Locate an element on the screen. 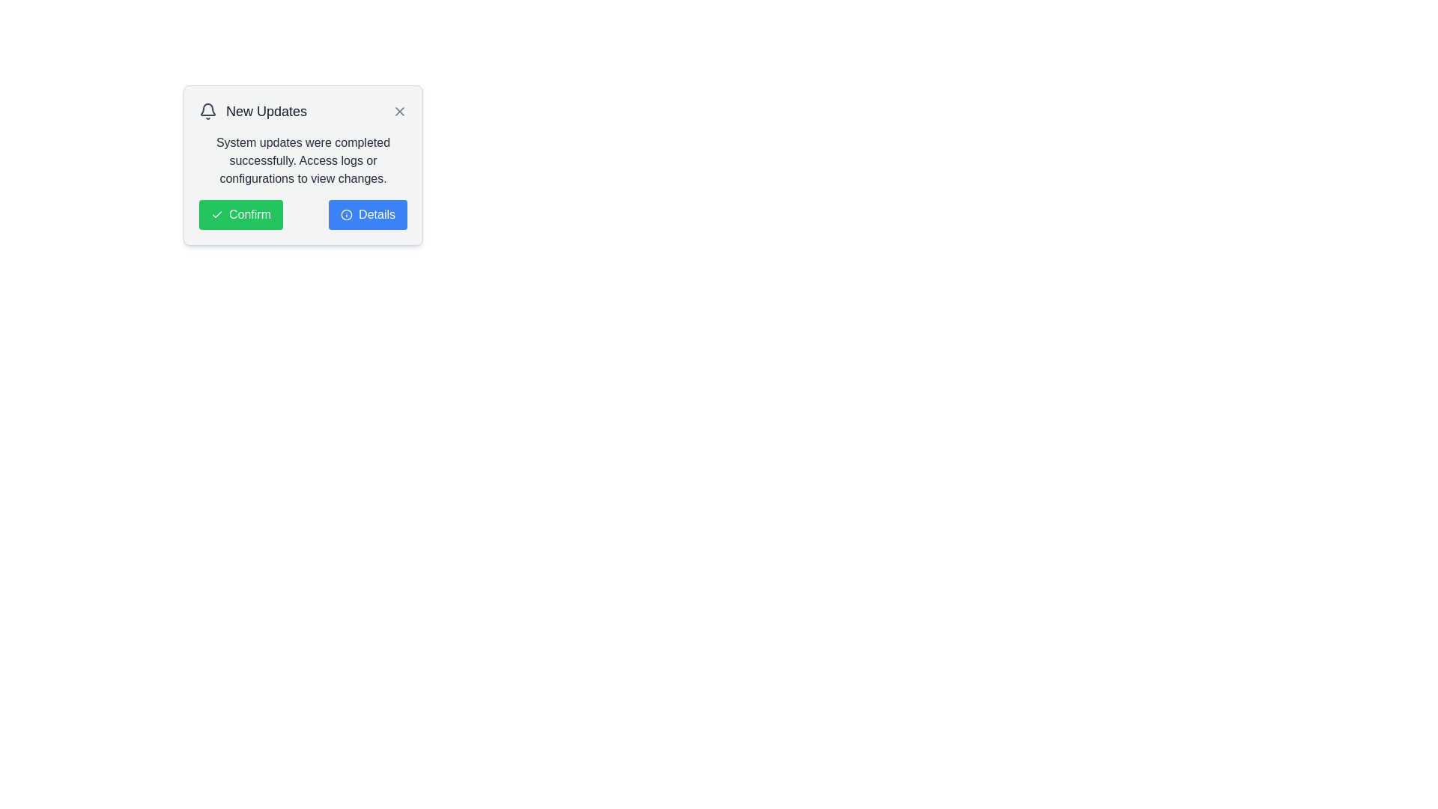  the leftmost confirmation button in the 'New Updates' notification box to confirm the action is located at coordinates (240, 214).